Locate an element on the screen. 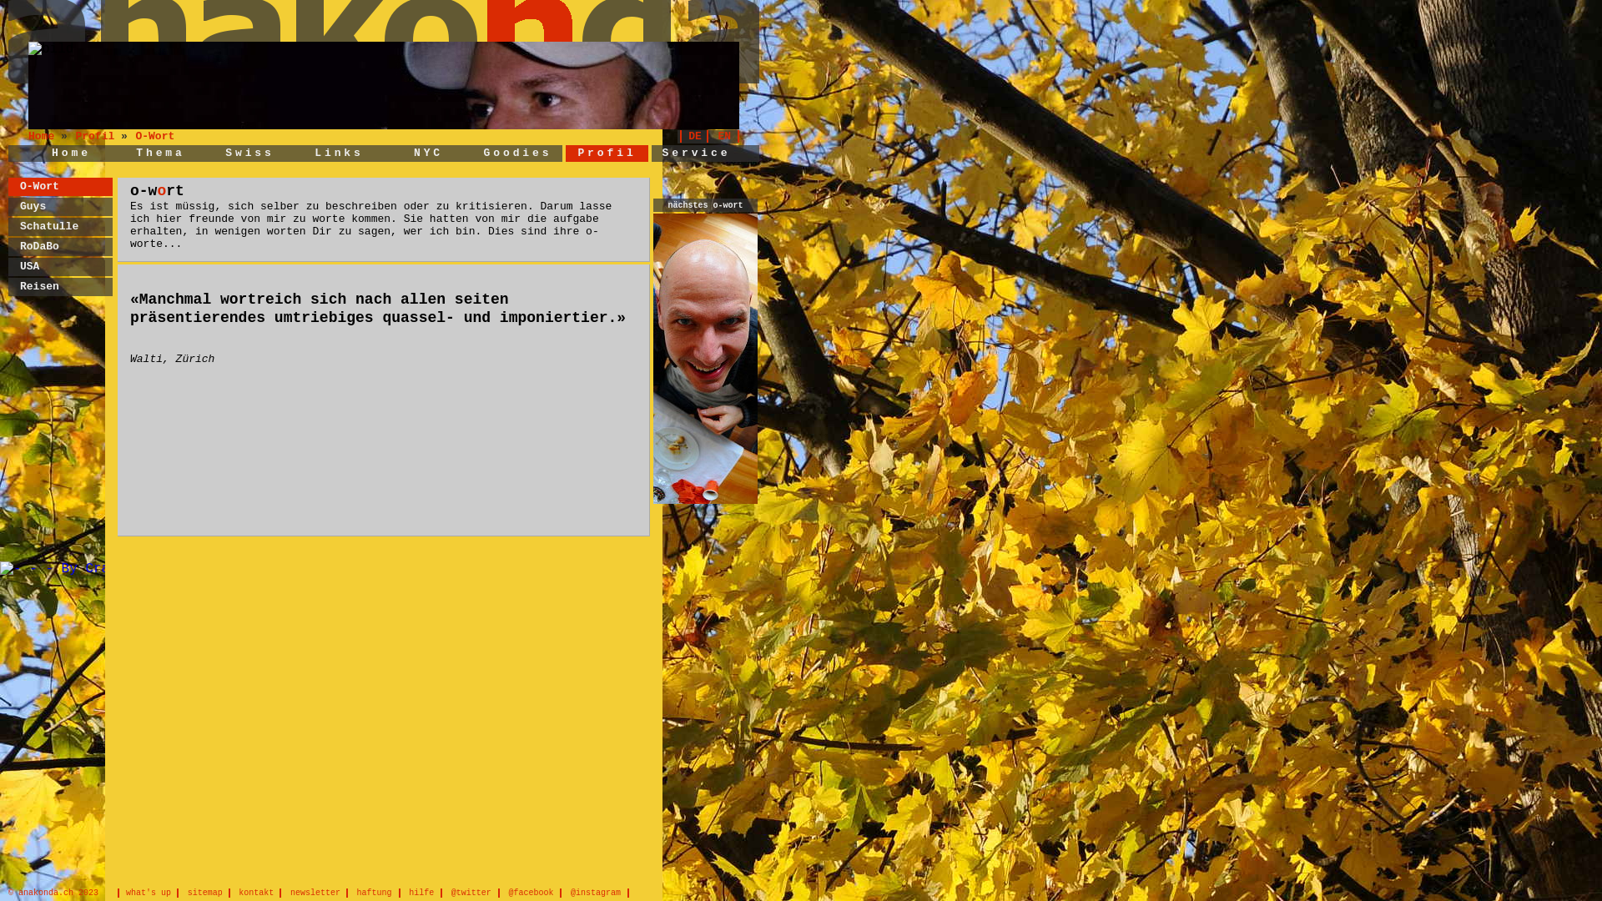  'Guys' is located at coordinates (33, 205).